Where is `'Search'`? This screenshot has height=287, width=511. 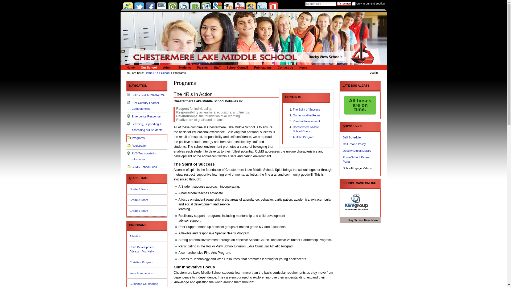
'Search' is located at coordinates (344, 3).